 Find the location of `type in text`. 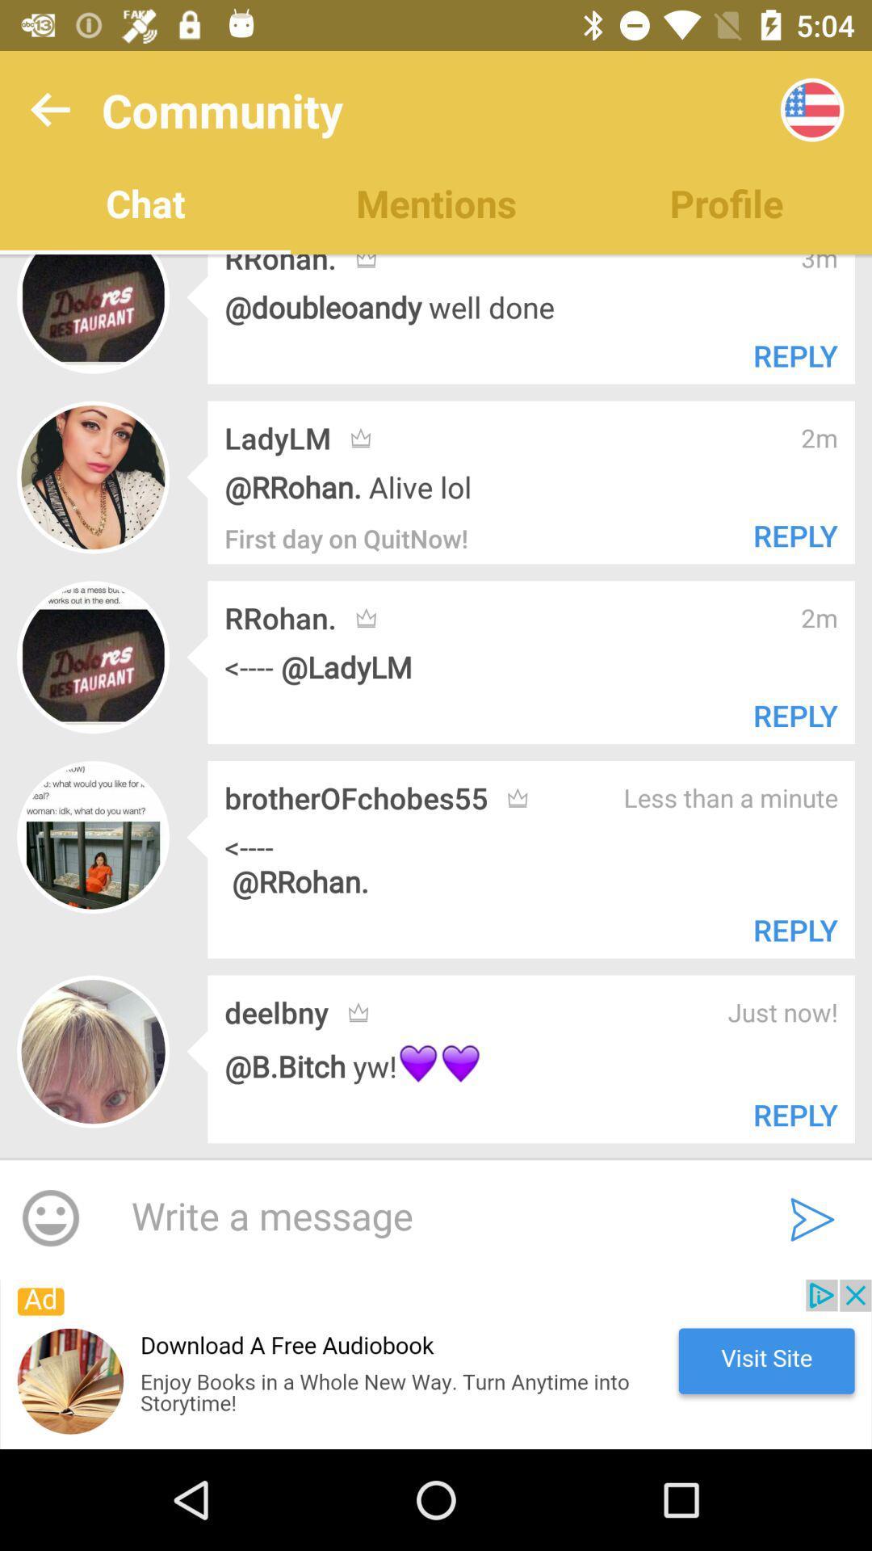

type in text is located at coordinates (426, 1217).